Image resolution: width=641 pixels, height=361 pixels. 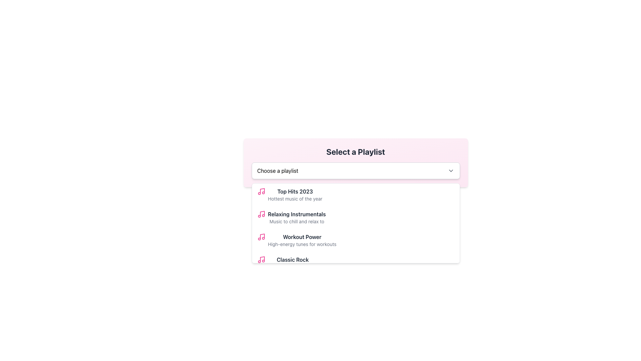 What do you see at coordinates (292, 262) in the screenshot?
I see `the 'Classic Rock' playlist item in the dropdown menu` at bounding box center [292, 262].